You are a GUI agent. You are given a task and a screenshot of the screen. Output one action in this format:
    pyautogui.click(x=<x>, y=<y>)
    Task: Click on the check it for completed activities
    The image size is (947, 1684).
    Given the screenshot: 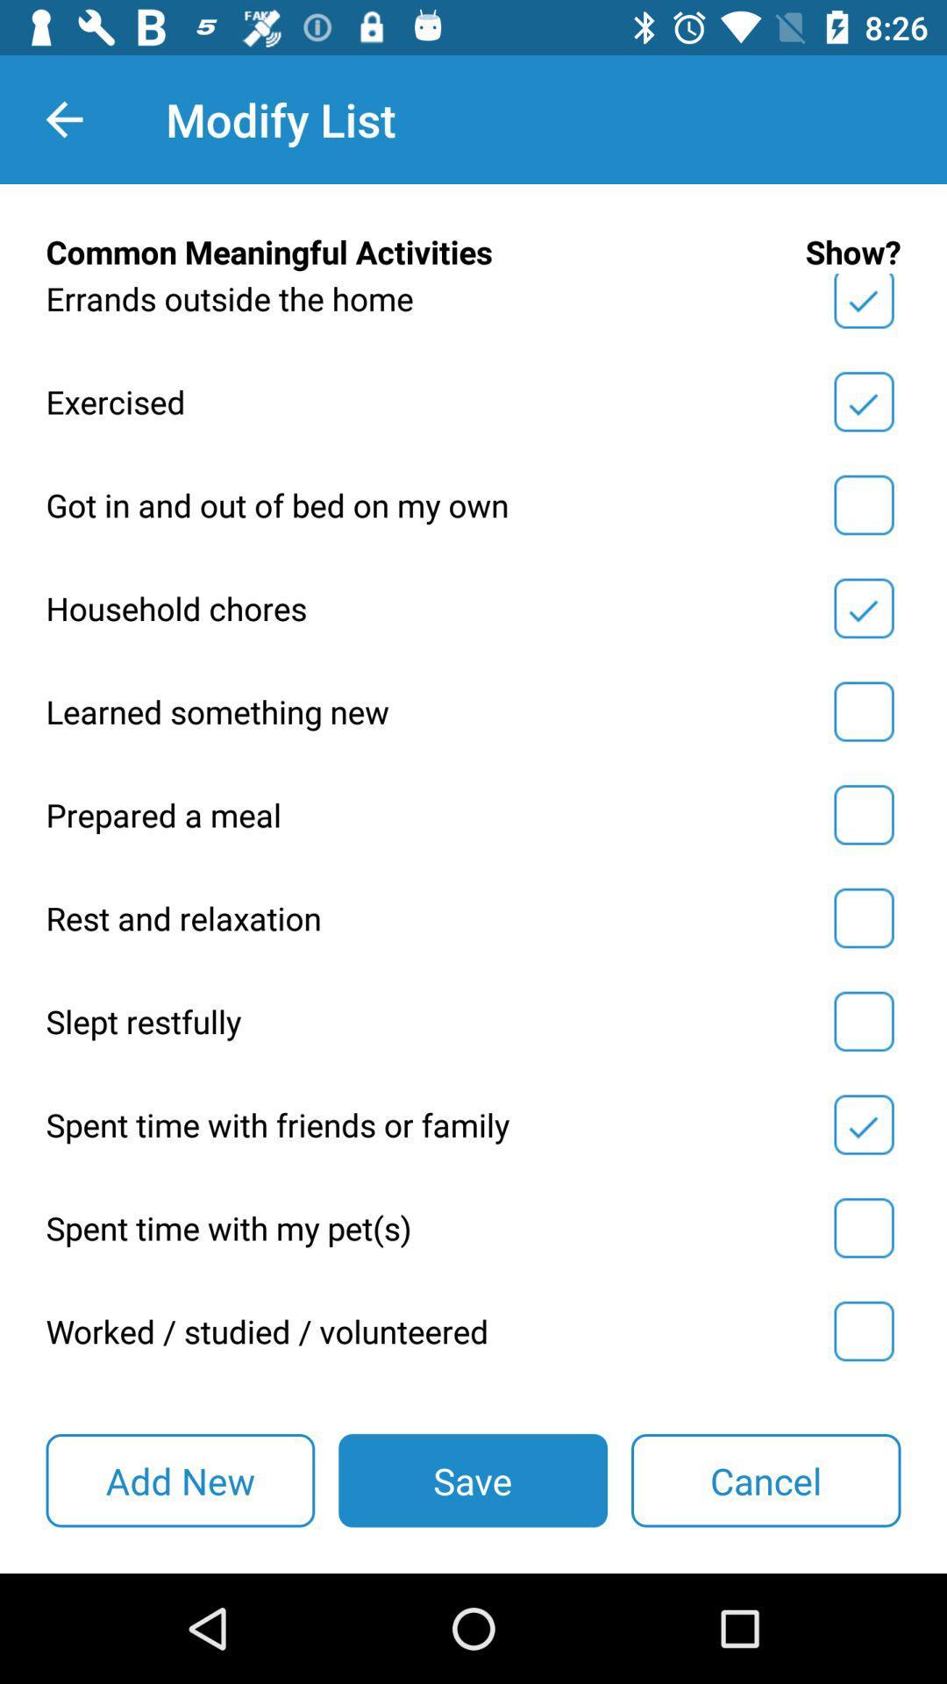 What is the action you would take?
    pyautogui.click(x=863, y=1021)
    